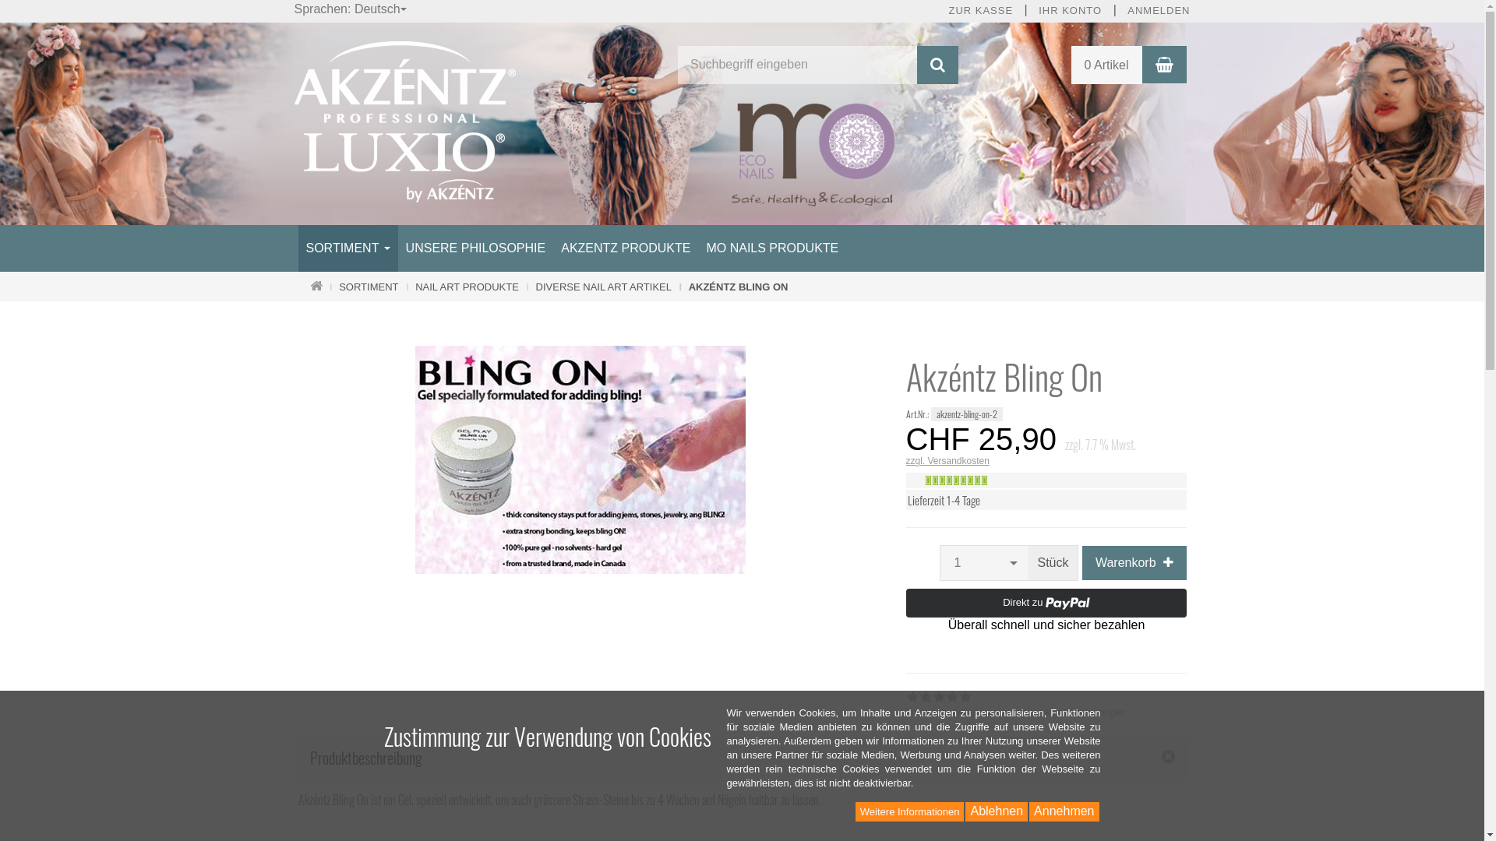 The width and height of the screenshot is (1496, 841). What do you see at coordinates (771, 248) in the screenshot?
I see `'MO NAILS PRODUKTE'` at bounding box center [771, 248].